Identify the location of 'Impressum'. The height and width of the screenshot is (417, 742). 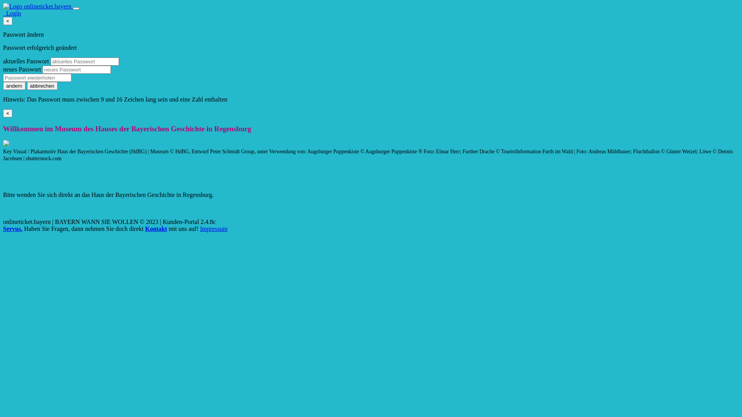
(214, 228).